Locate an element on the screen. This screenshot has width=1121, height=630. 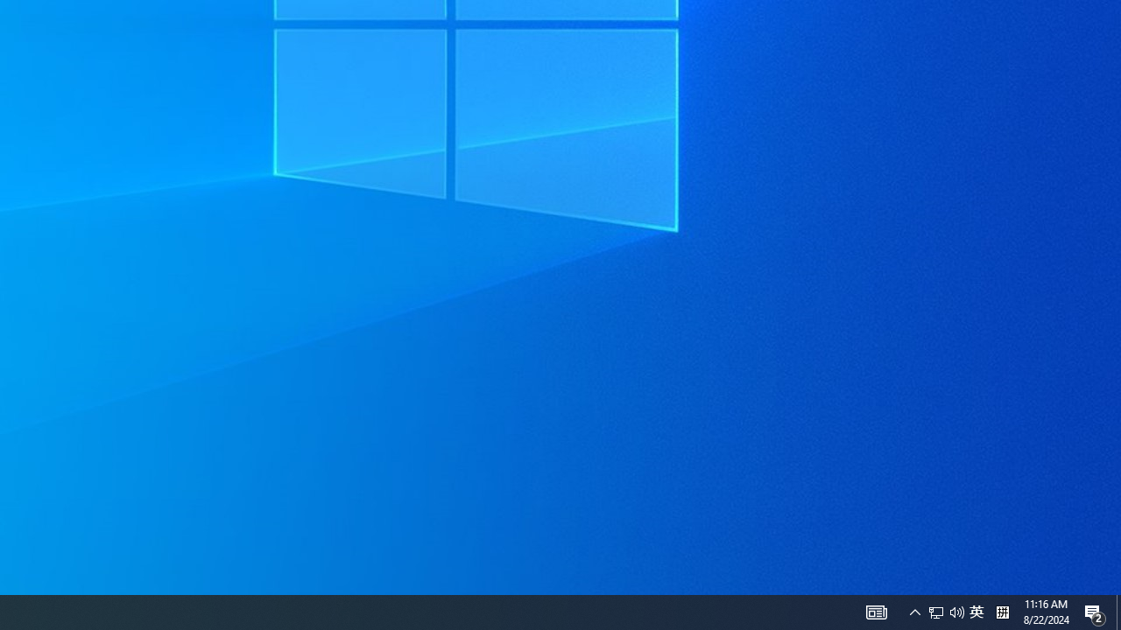
'Action Center, 2 new notifications' is located at coordinates (1095, 611).